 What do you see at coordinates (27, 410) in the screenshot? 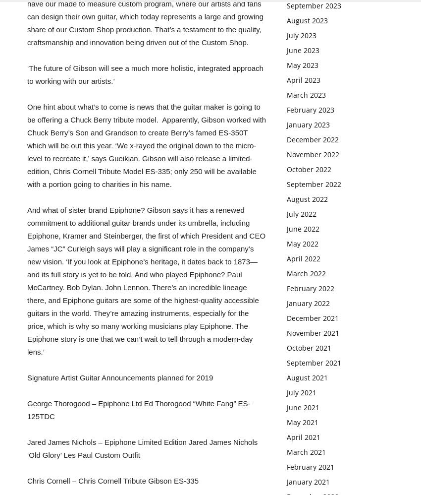
I see `'George Thorogood – Epiphone Ltd Ed Thorogood “White Fang” ES-125TDC'` at bounding box center [27, 410].